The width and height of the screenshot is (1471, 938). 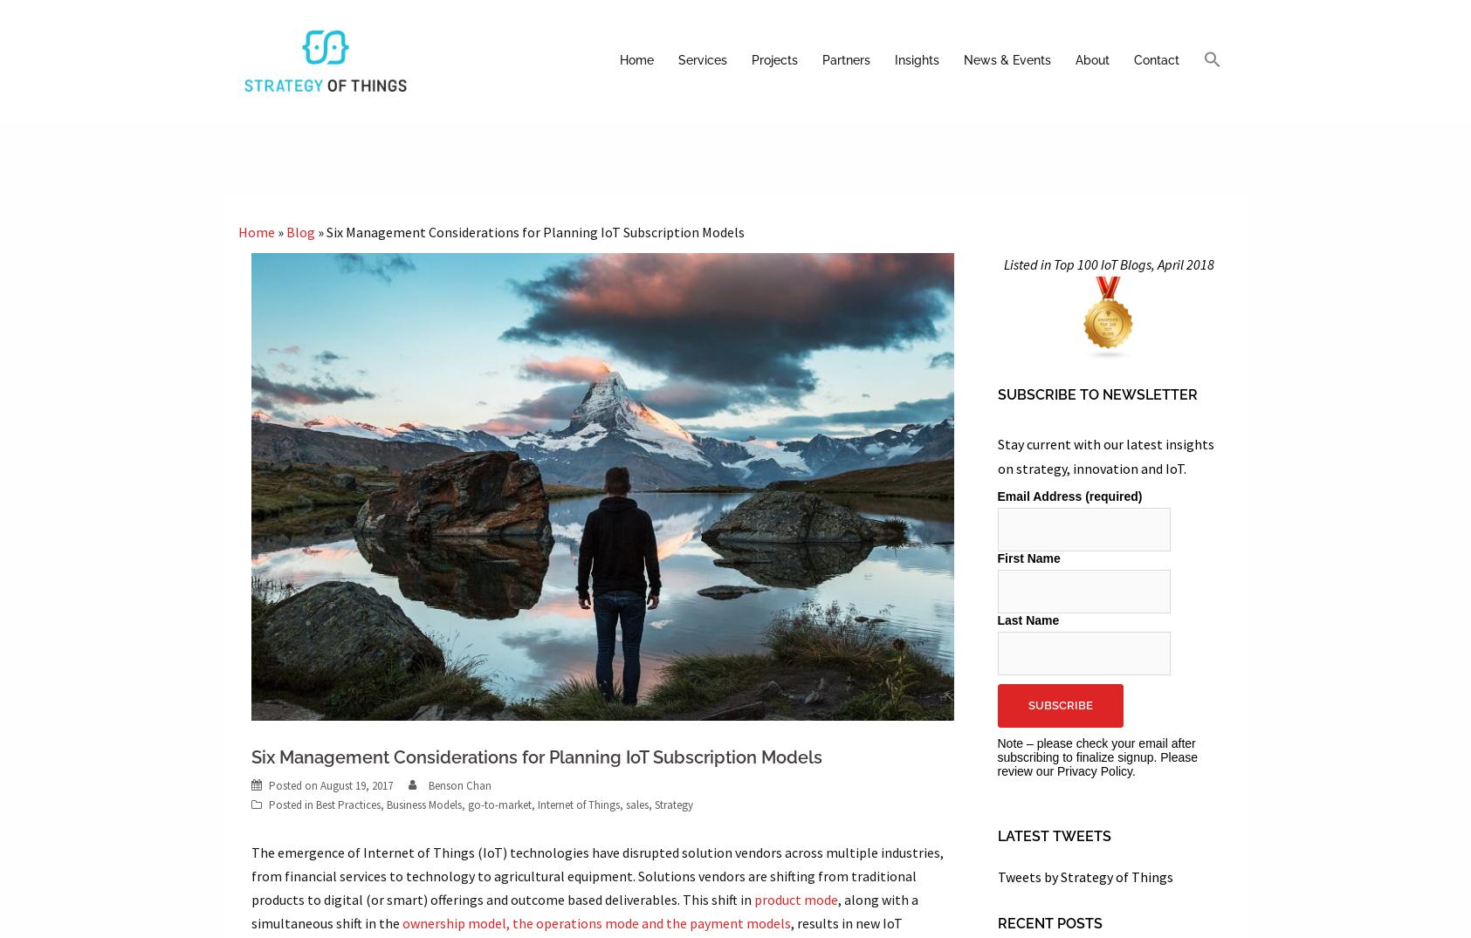 I want to click on 'Posted in', so click(x=291, y=803).